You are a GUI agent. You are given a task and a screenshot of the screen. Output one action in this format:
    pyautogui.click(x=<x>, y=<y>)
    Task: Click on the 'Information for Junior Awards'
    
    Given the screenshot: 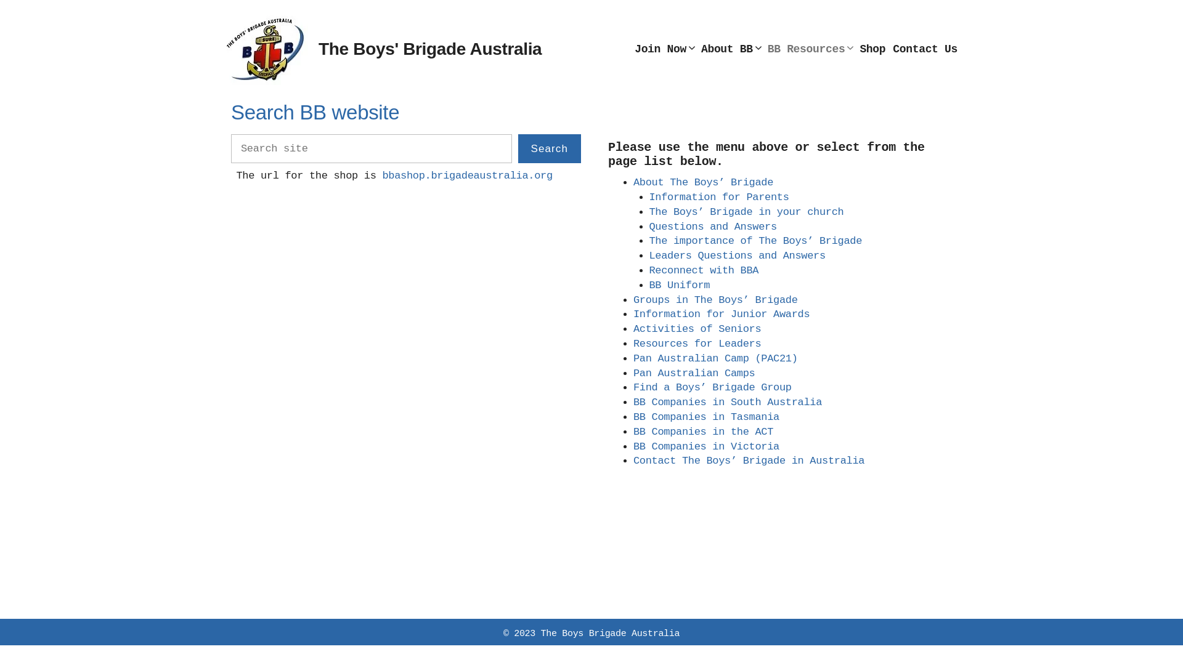 What is the action you would take?
    pyautogui.click(x=722, y=313)
    